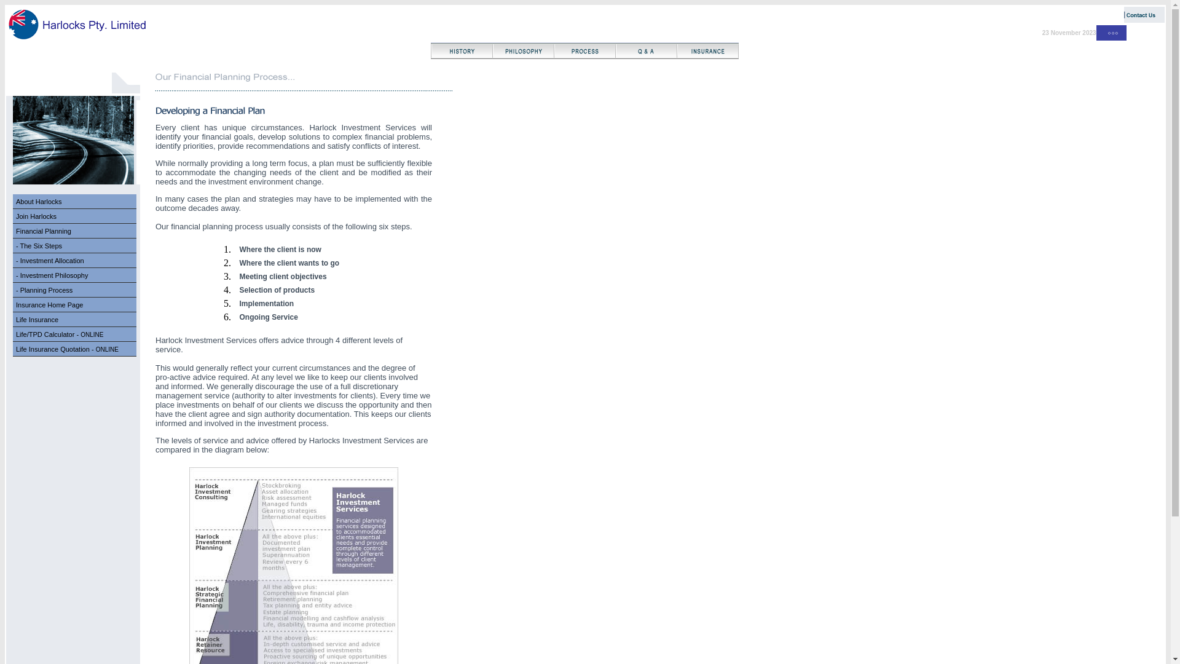 The image size is (1180, 664). Describe the element at coordinates (282, 277) in the screenshot. I see `'Meeting client objectives'` at that location.